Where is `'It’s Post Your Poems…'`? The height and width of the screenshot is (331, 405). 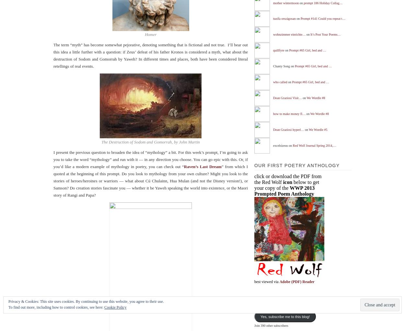
'It’s Post Your Poems…' is located at coordinates (325, 34).